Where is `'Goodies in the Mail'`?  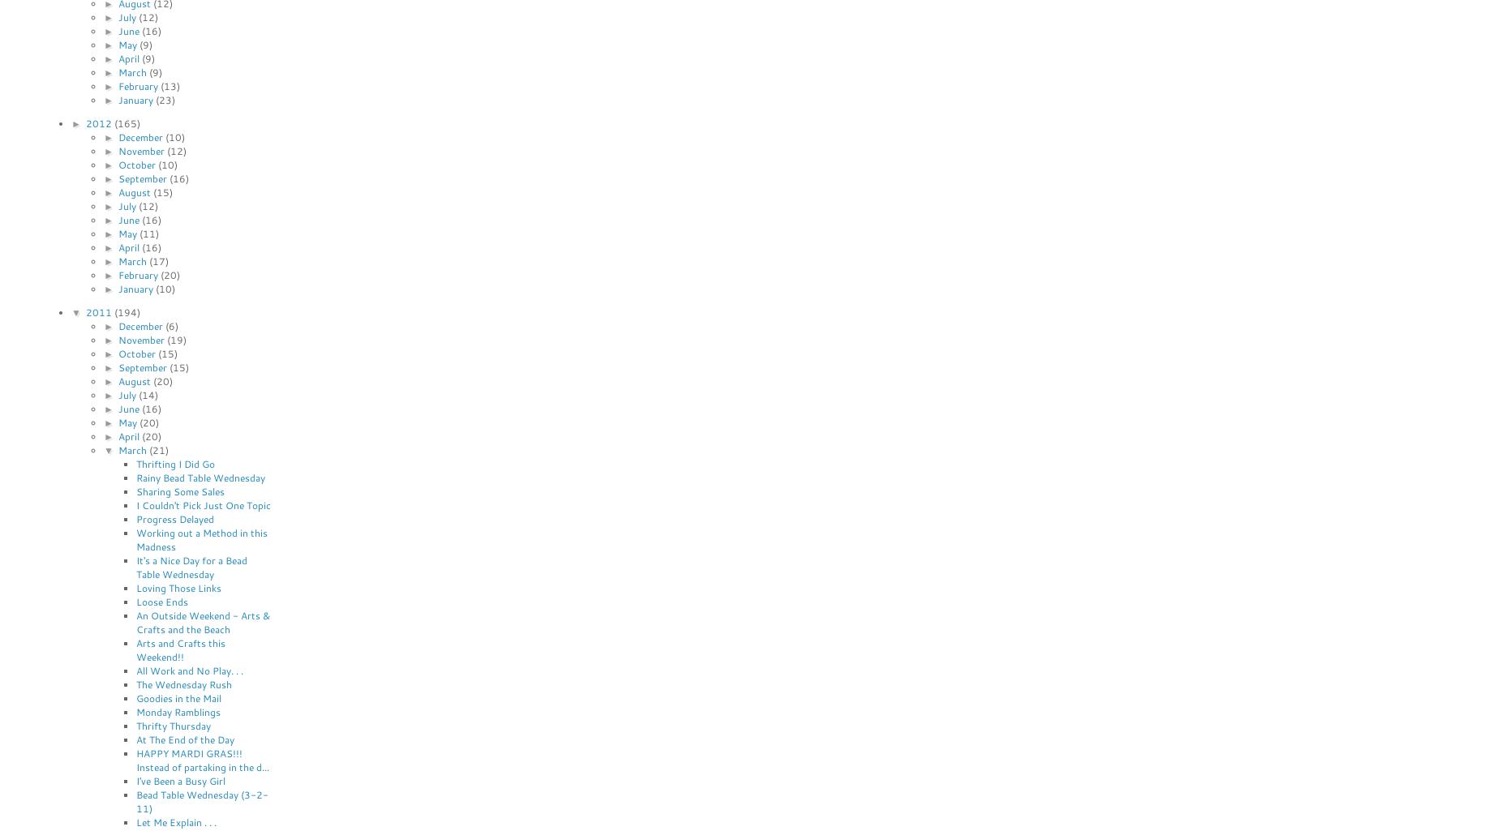 'Goodies in the Mail' is located at coordinates (178, 697).